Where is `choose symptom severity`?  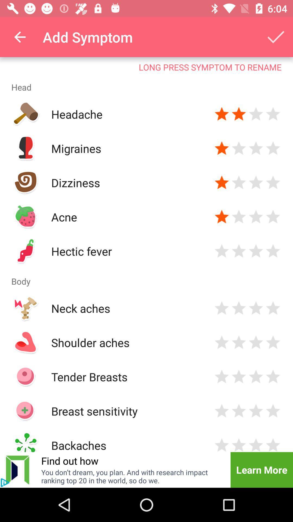 choose symptom severity is located at coordinates (256, 183).